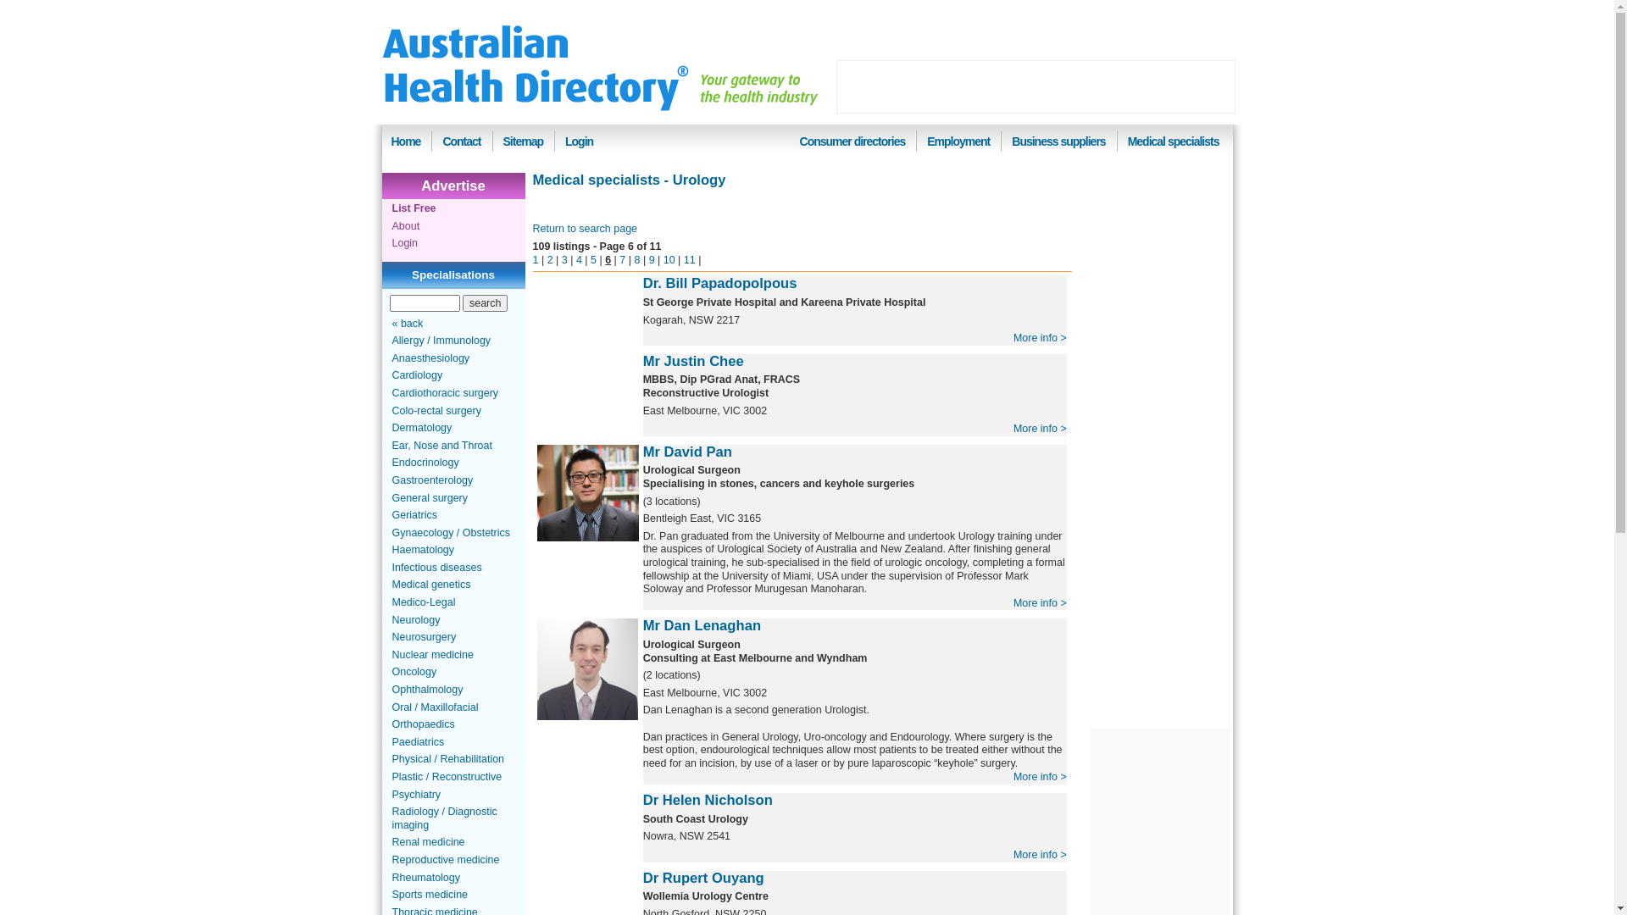 The width and height of the screenshot is (1627, 915). Describe the element at coordinates (441, 444) in the screenshot. I see `'Ear, Nose and Throat'` at that location.